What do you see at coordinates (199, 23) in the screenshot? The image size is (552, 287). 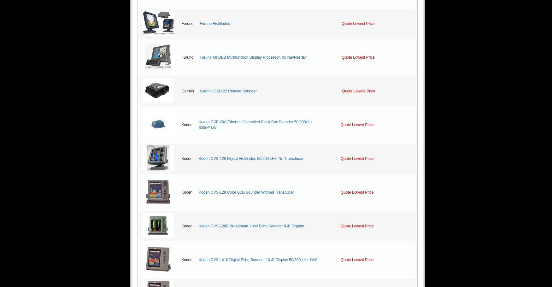 I see `'Furuno Fishfinders'` at bounding box center [199, 23].